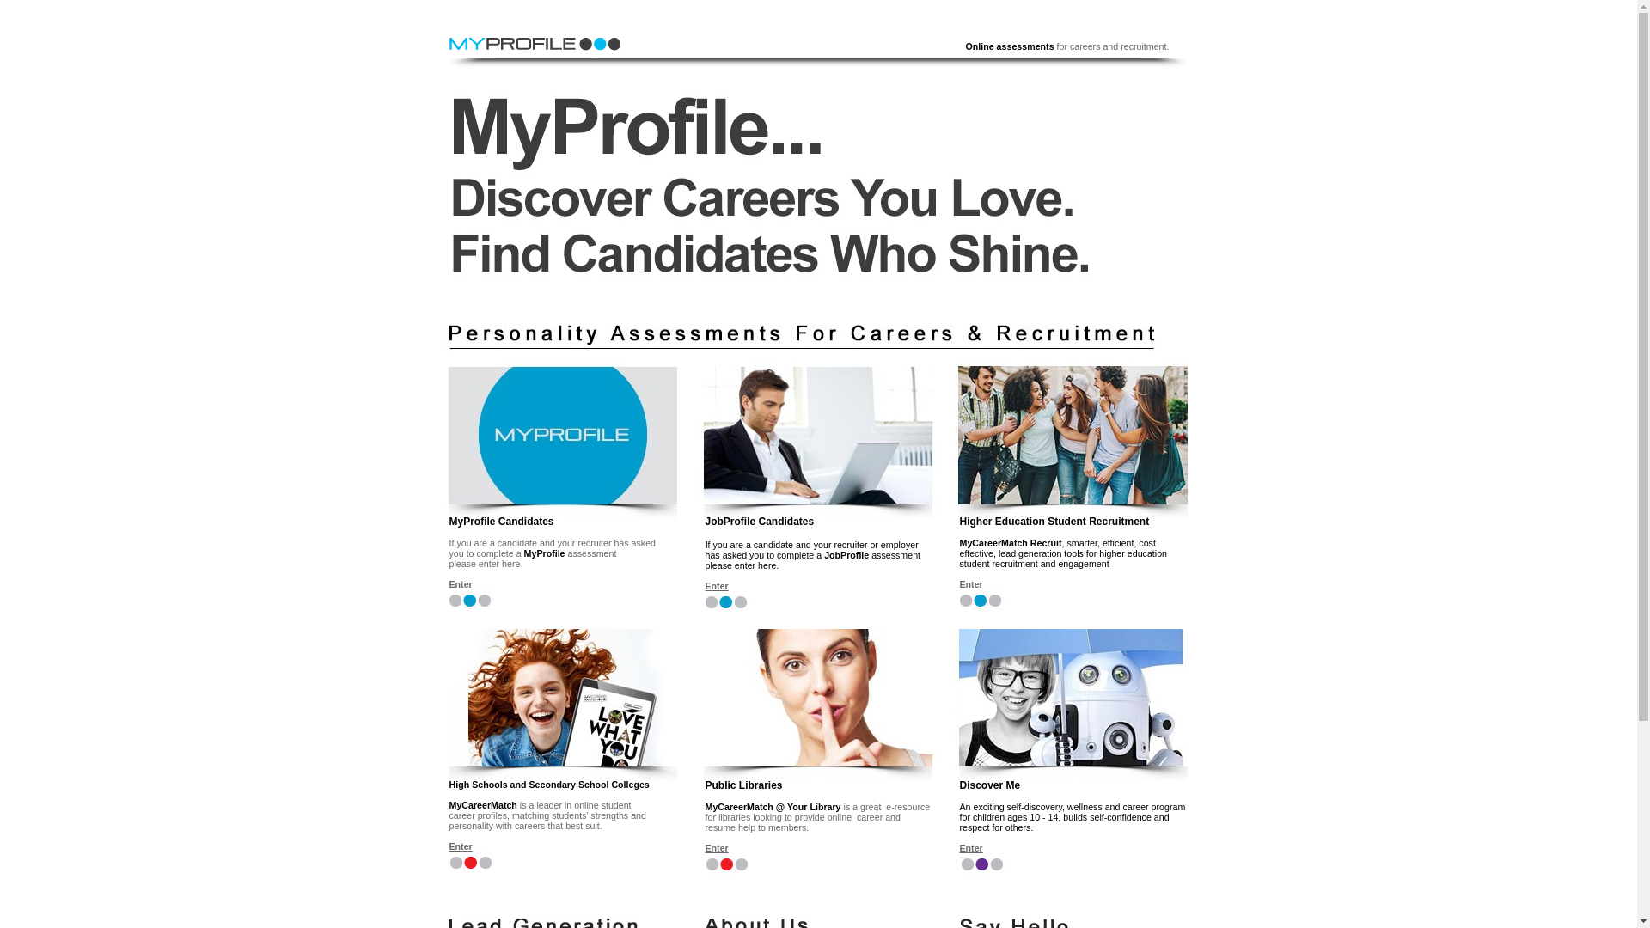 This screenshot has height=928, width=1650. What do you see at coordinates (705, 847) in the screenshot?
I see `'Enter'` at bounding box center [705, 847].